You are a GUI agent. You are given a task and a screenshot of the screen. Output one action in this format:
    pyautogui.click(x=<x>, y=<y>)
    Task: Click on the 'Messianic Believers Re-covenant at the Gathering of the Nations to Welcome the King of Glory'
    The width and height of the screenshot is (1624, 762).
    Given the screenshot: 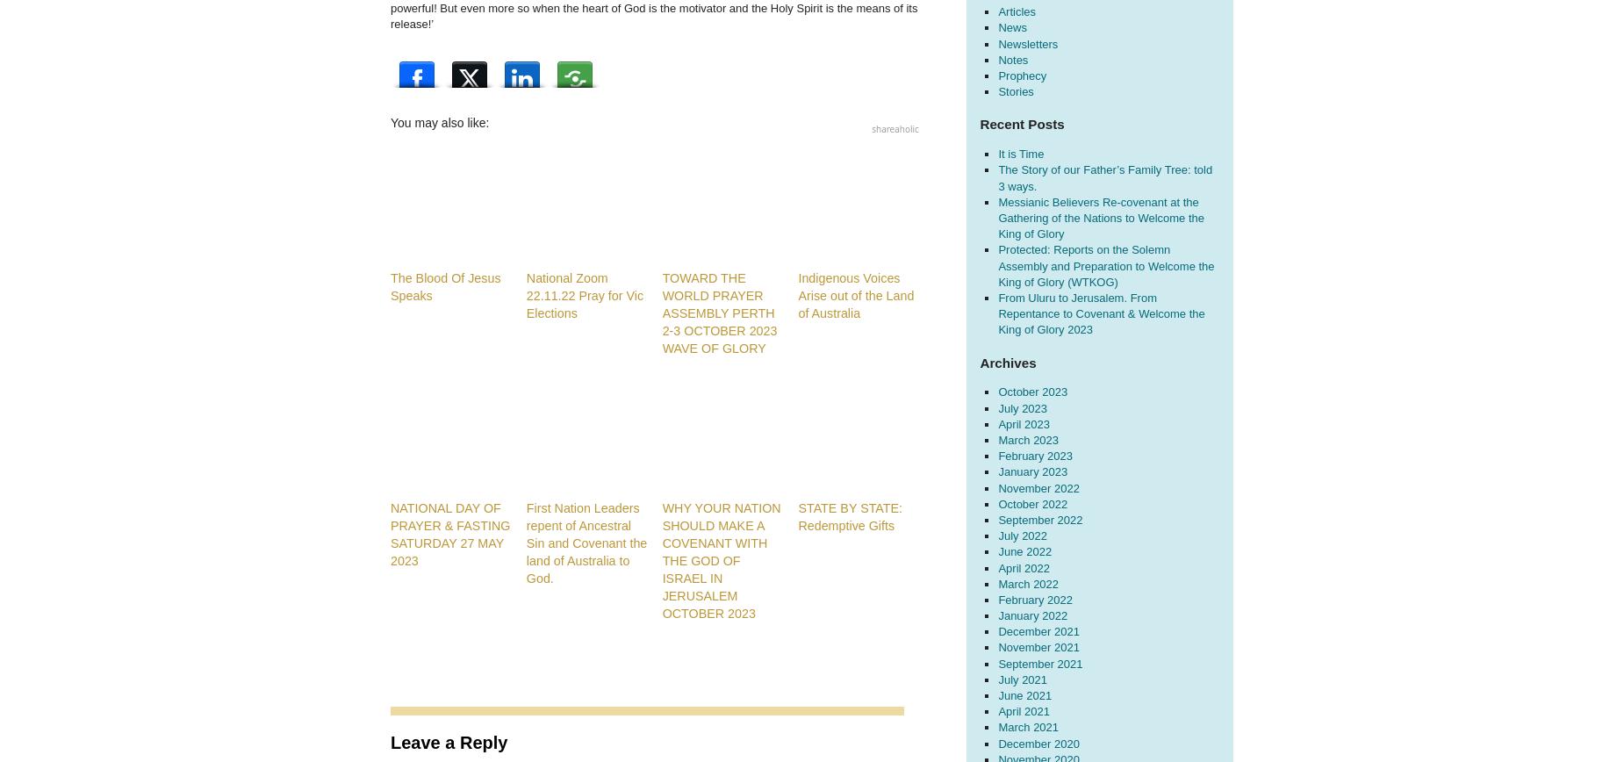 What is the action you would take?
    pyautogui.click(x=997, y=217)
    